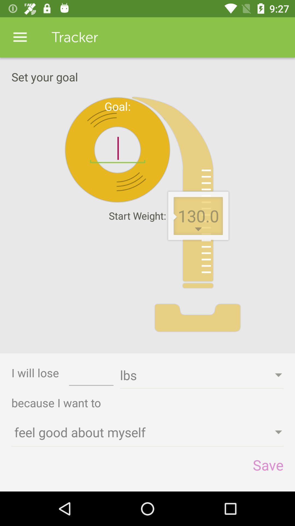  I want to click on the icon next to the lbs, so click(91, 377).